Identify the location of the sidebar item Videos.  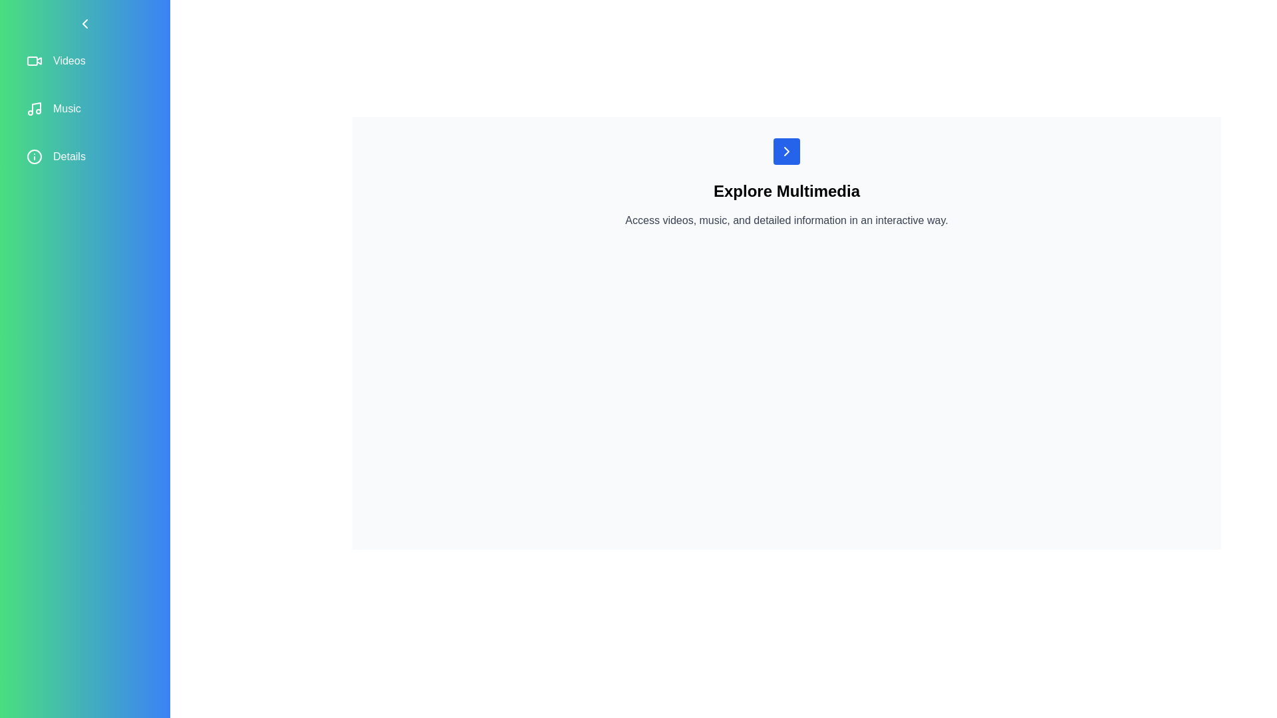
(84, 61).